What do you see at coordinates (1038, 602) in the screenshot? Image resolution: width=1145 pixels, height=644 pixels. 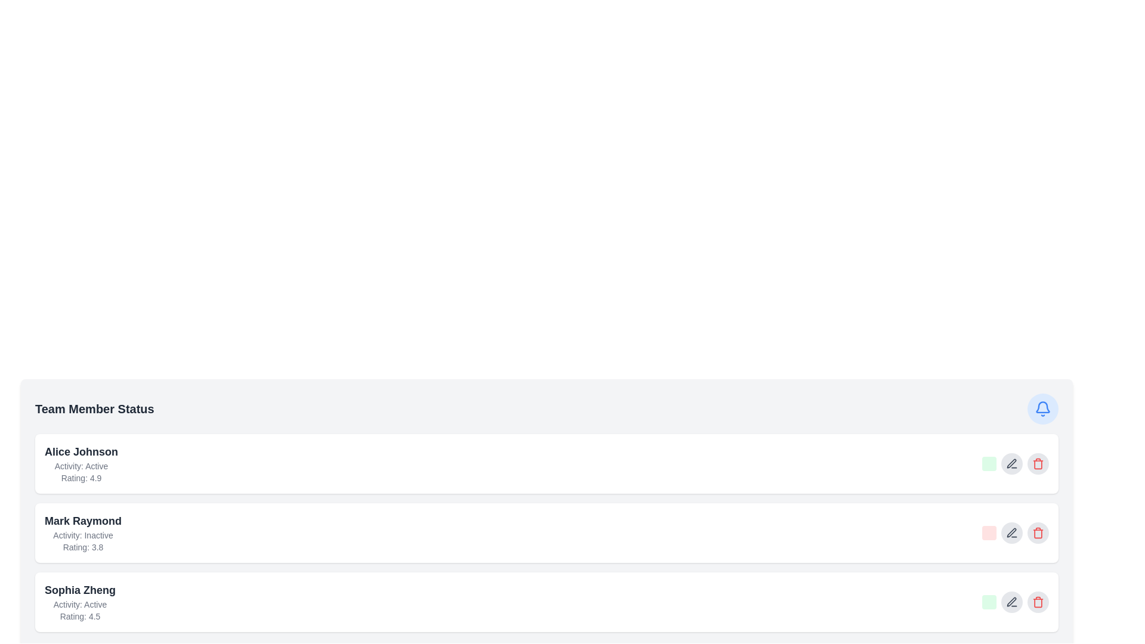 I see `the delete icon button located on the far right side of the third row under 'Team Member Status'` at bounding box center [1038, 602].